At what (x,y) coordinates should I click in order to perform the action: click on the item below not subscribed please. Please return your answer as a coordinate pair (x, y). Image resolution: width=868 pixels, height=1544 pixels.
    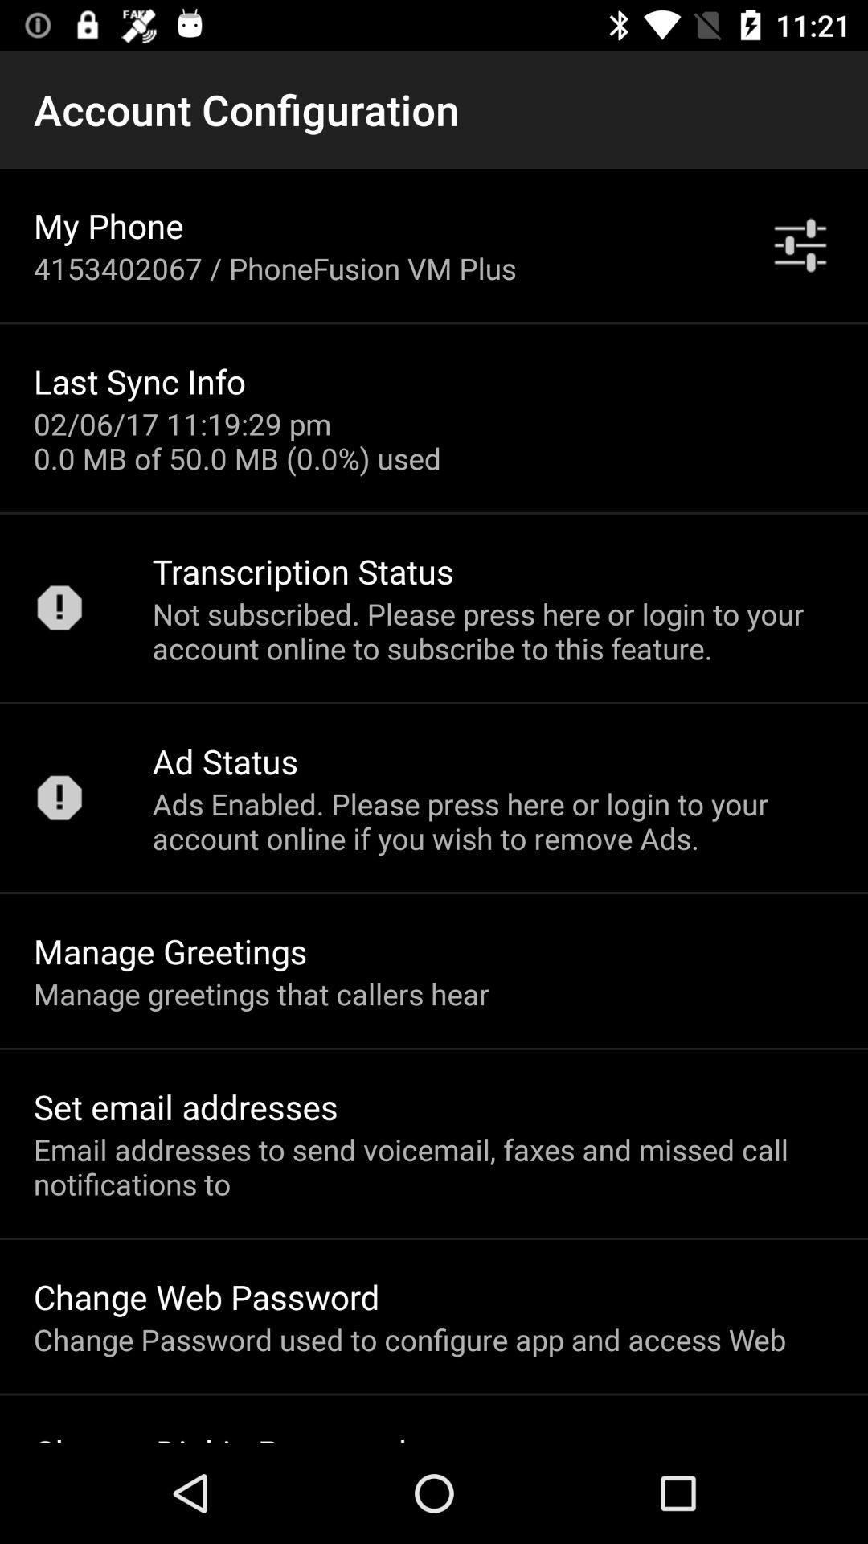
    Looking at the image, I should click on (225, 760).